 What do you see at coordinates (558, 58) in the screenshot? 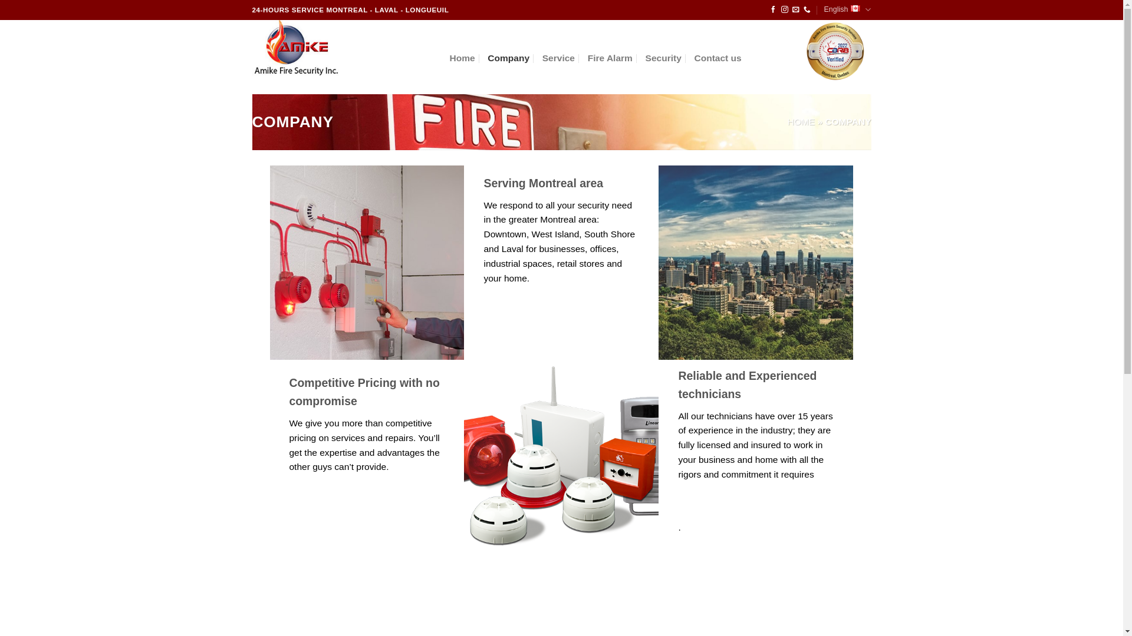
I see `'Service'` at bounding box center [558, 58].